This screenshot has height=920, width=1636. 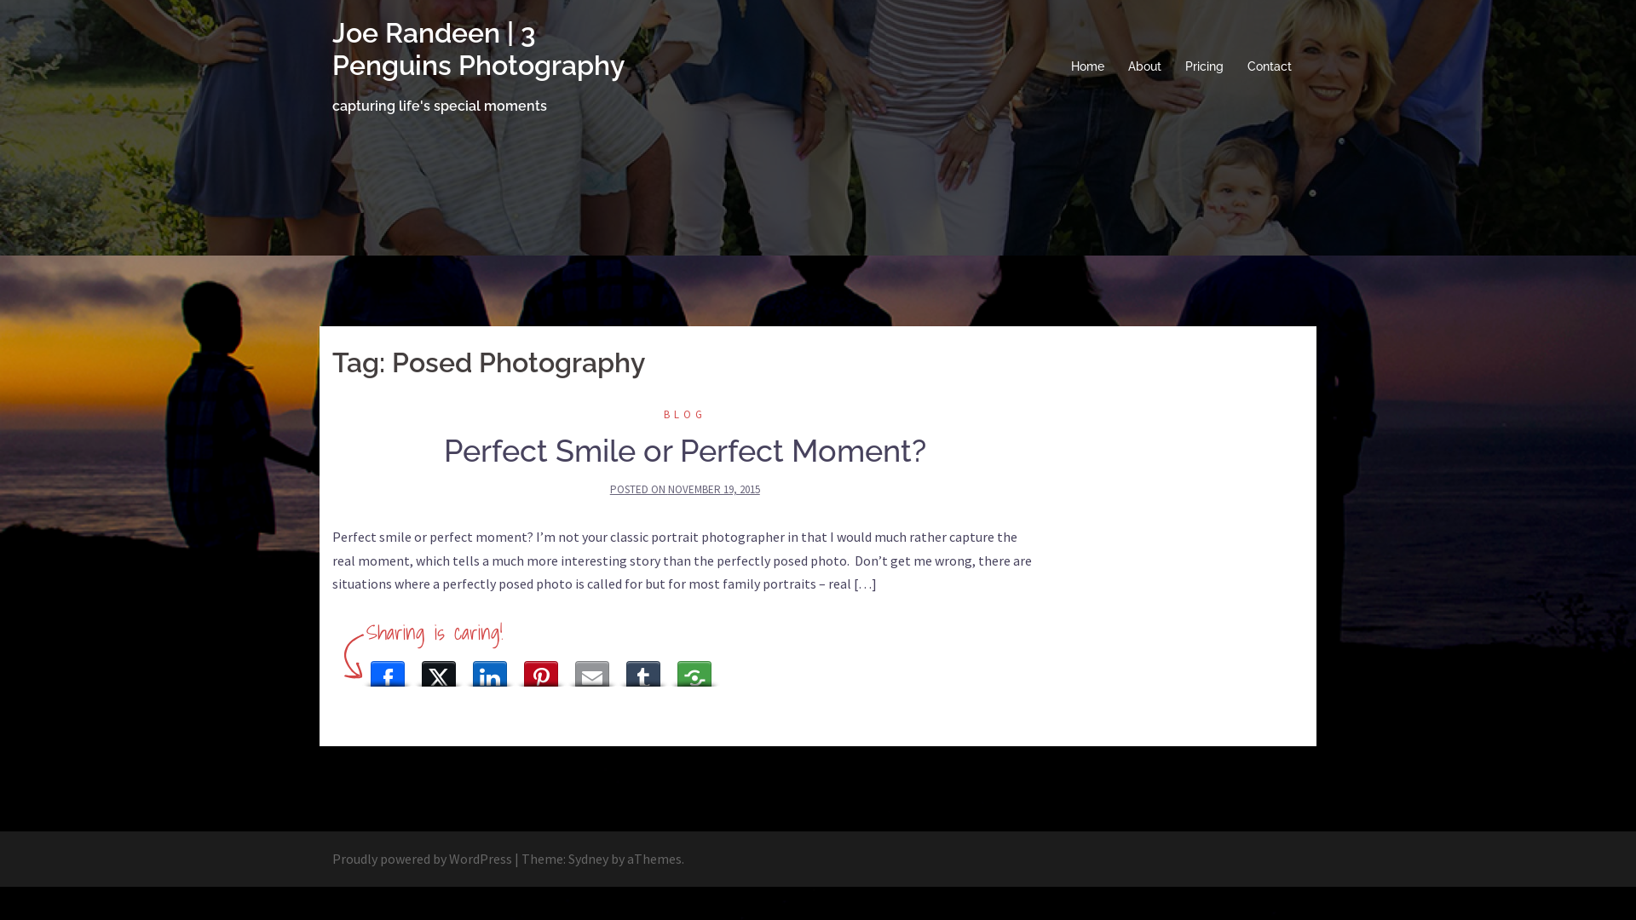 What do you see at coordinates (616, 669) in the screenshot?
I see `'Tumblr'` at bounding box center [616, 669].